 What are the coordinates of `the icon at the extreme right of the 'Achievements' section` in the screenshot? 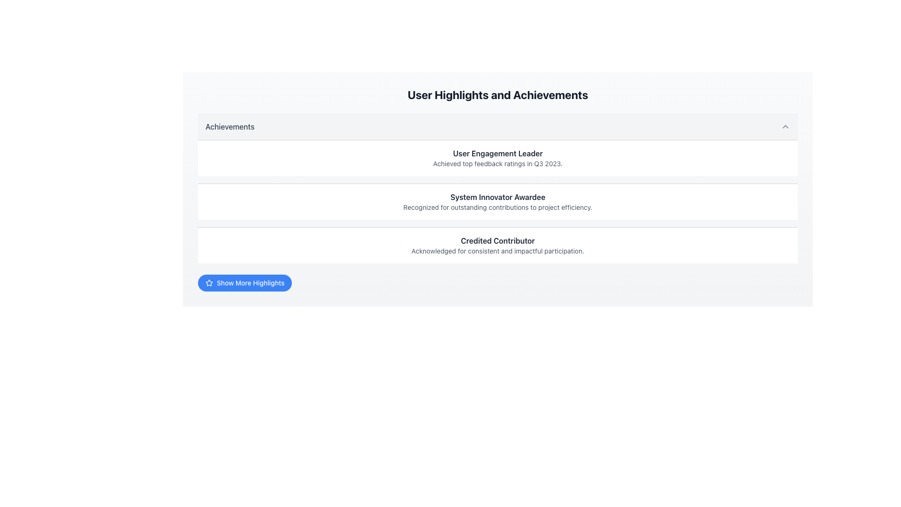 It's located at (786, 127).